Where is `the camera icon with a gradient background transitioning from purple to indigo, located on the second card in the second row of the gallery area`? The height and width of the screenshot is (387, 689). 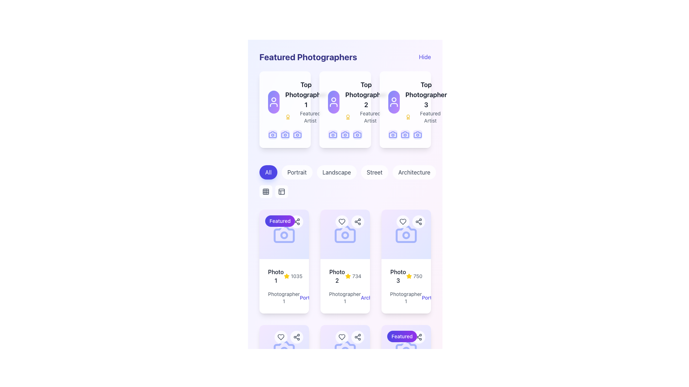 the camera icon with a gradient background transitioning from purple to indigo, located on the second card in the second row of the gallery area is located at coordinates (345, 234).